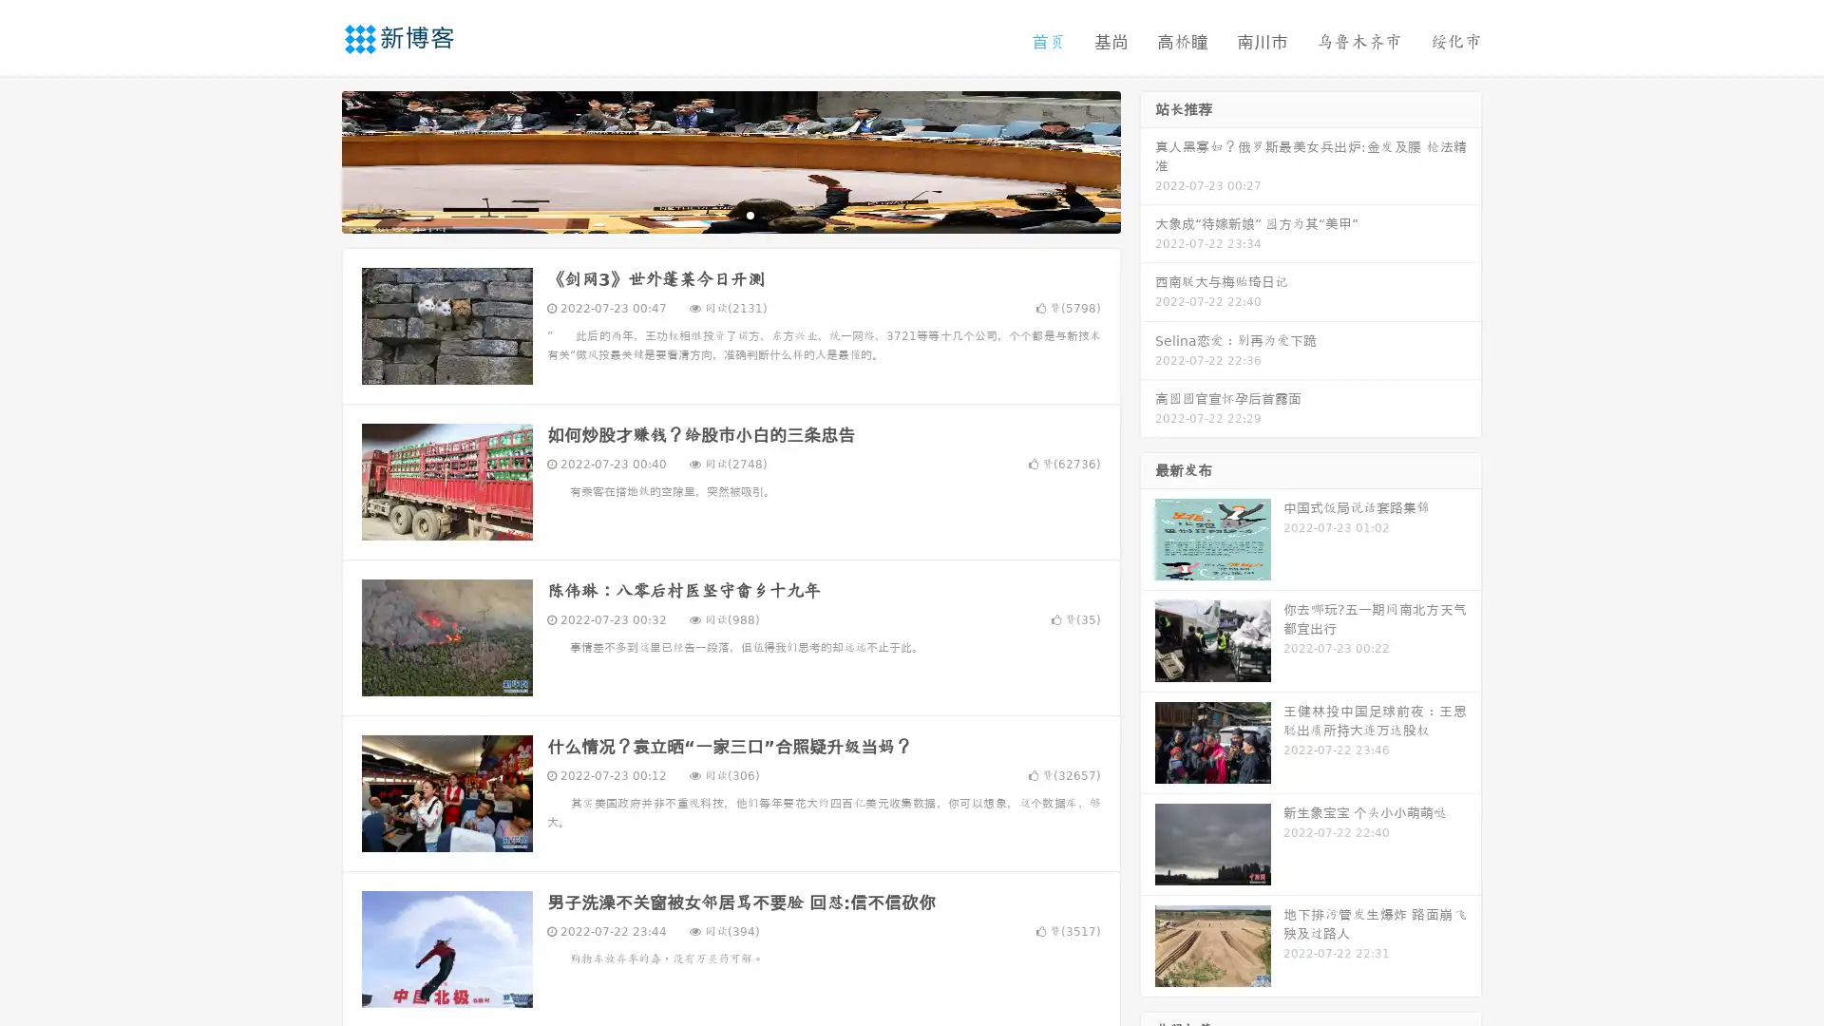 This screenshot has height=1026, width=1824. What do you see at coordinates (730, 214) in the screenshot?
I see `Go to slide 2` at bounding box center [730, 214].